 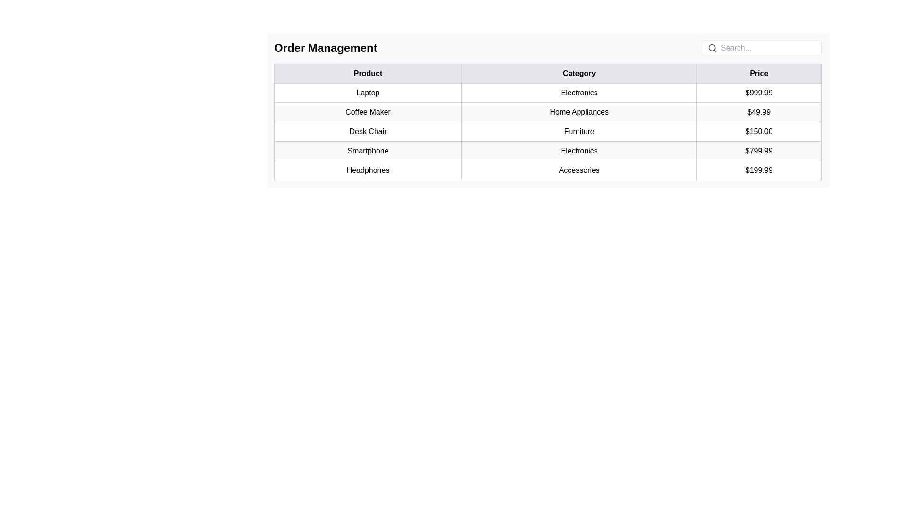 What do you see at coordinates (579, 131) in the screenshot?
I see `the table cell displaying 'Furniture' in the second column under the 'Category' header for the 'Desk Chair' row` at bounding box center [579, 131].